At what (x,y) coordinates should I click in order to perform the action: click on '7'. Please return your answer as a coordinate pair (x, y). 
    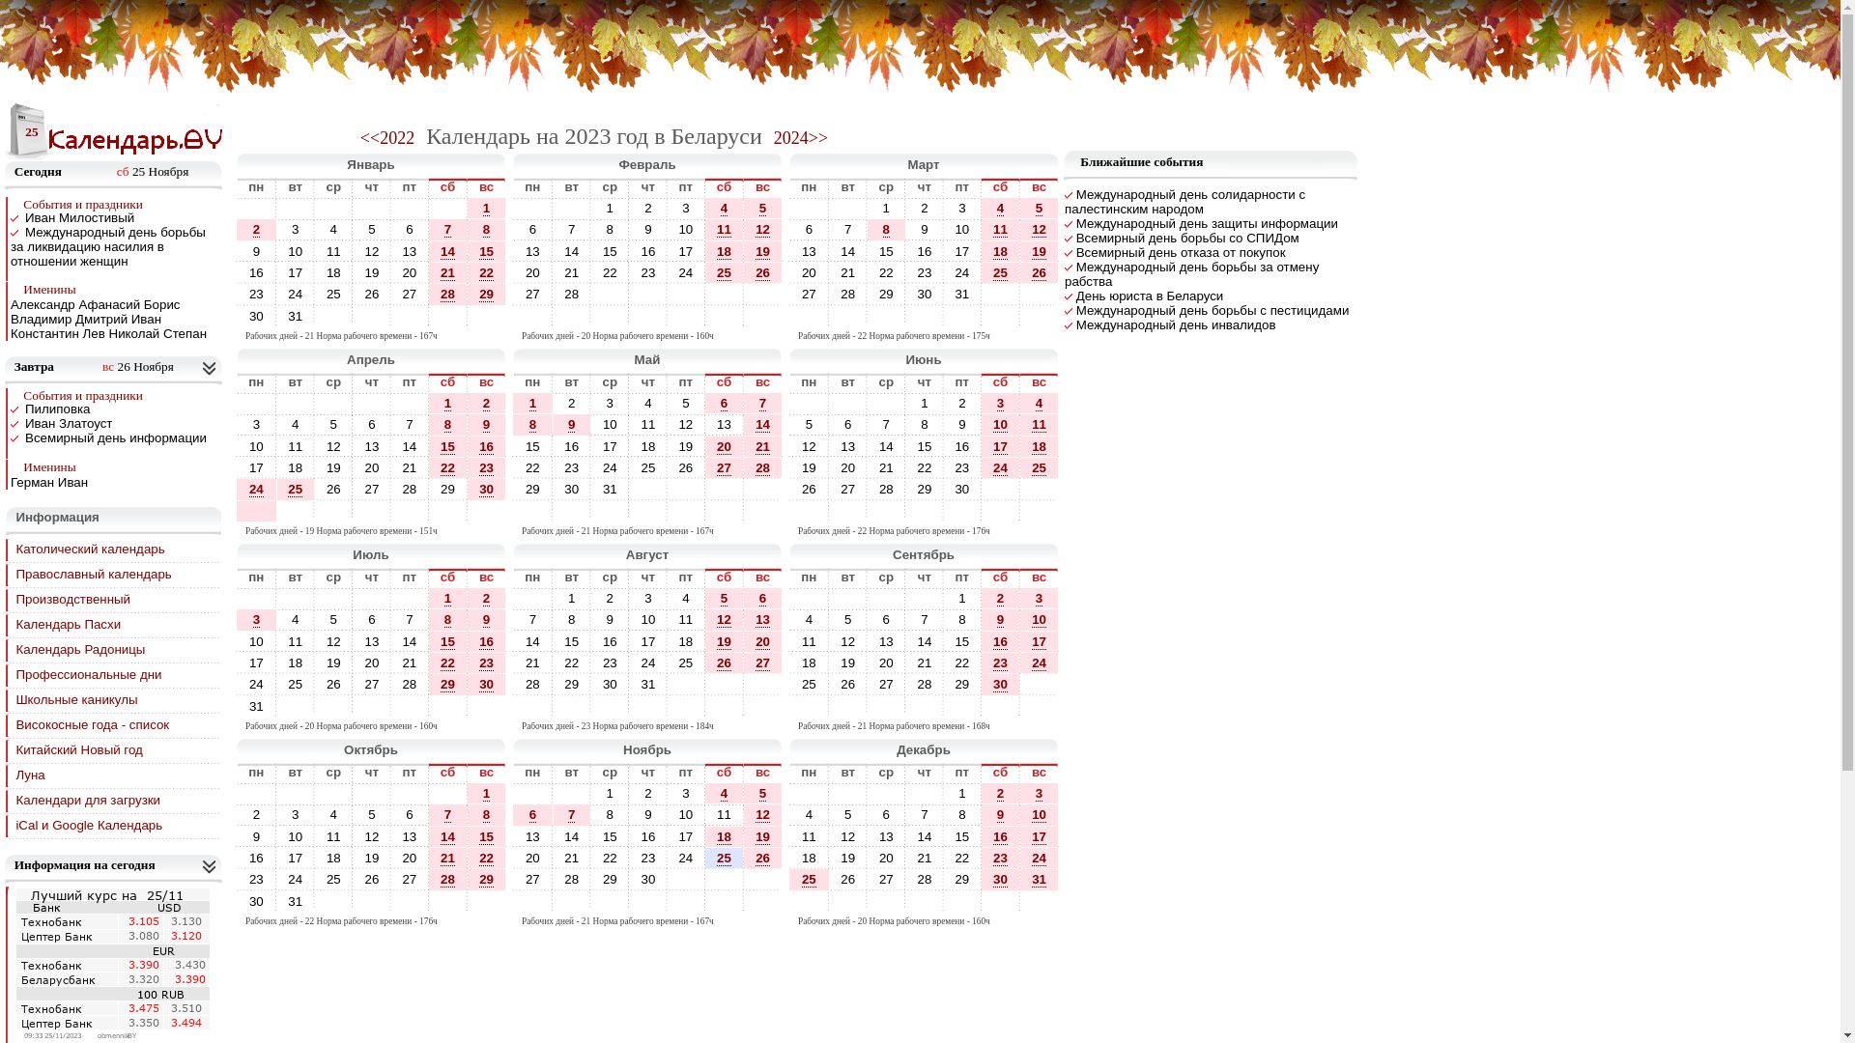
    Looking at the image, I should click on (570, 228).